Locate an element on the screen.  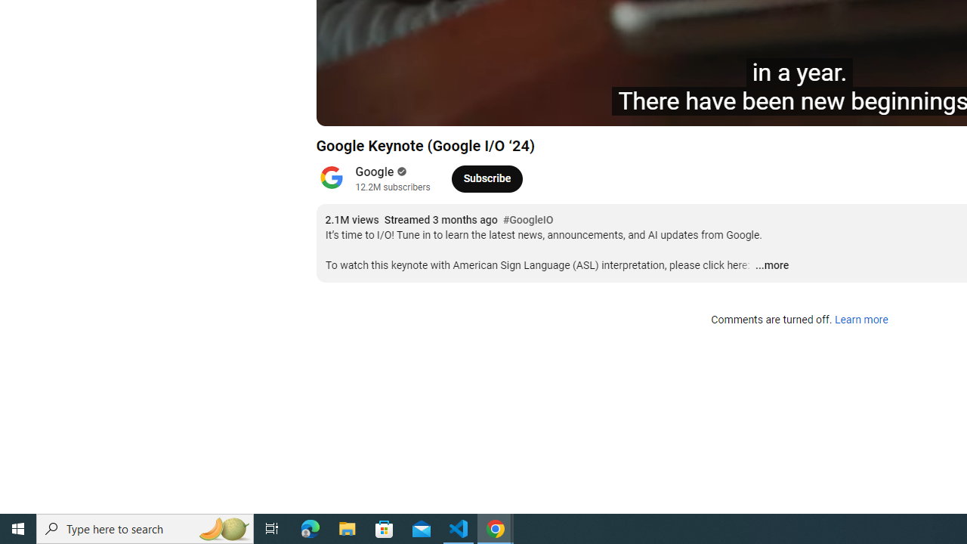
'#GoogleIO' is located at coordinates (528, 220).